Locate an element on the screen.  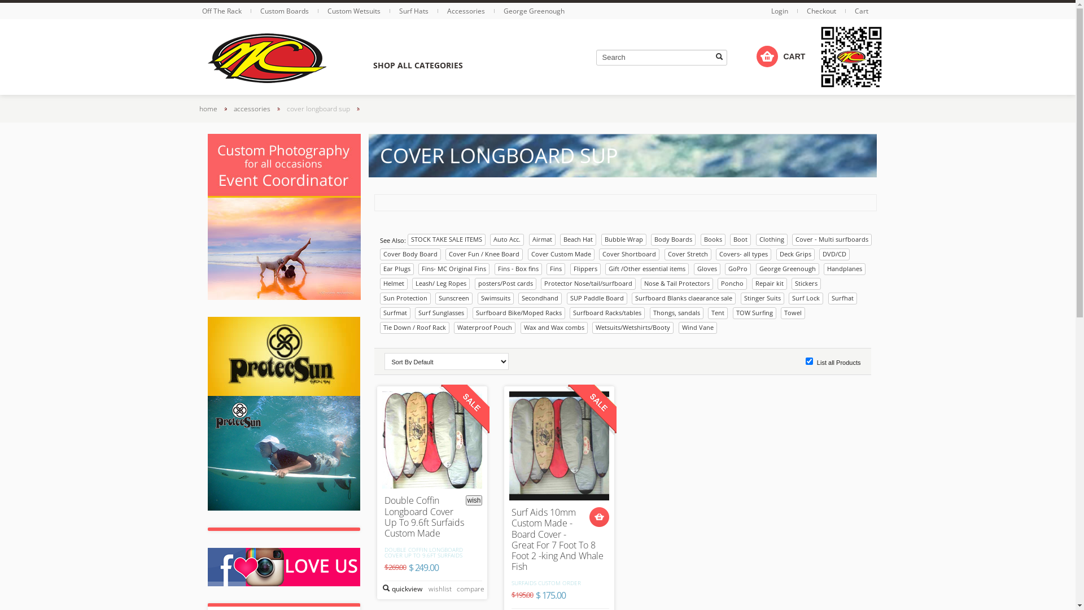
'Helmet' is located at coordinates (379, 283).